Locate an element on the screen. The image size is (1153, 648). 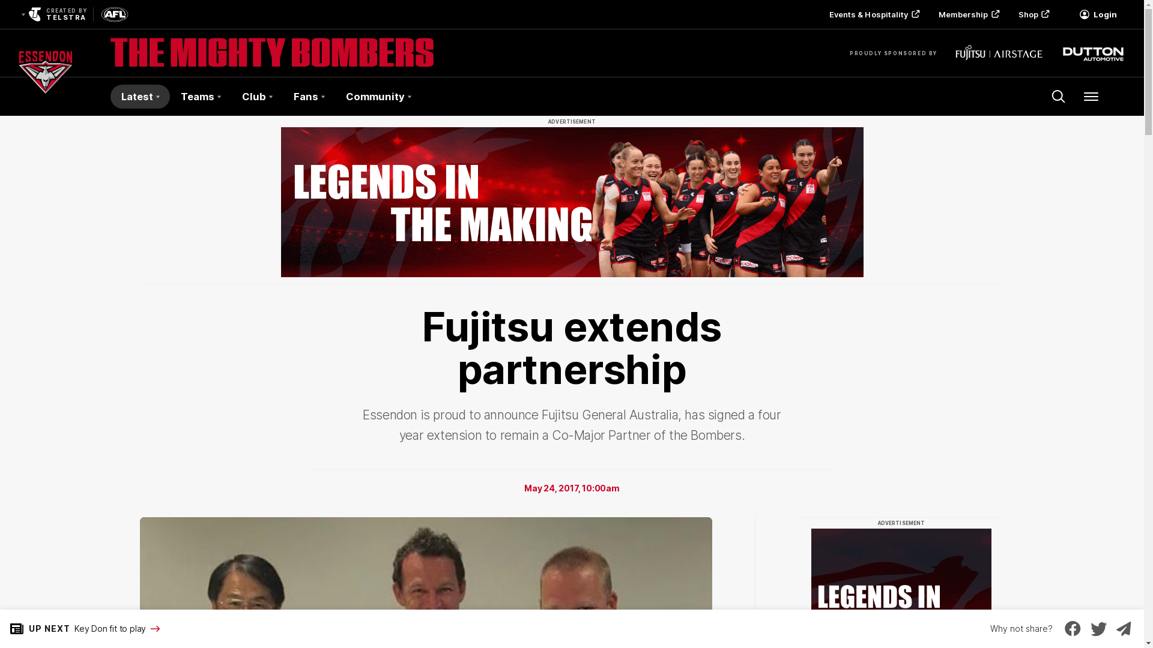
'Events & Hospitality' is located at coordinates (873, 14).